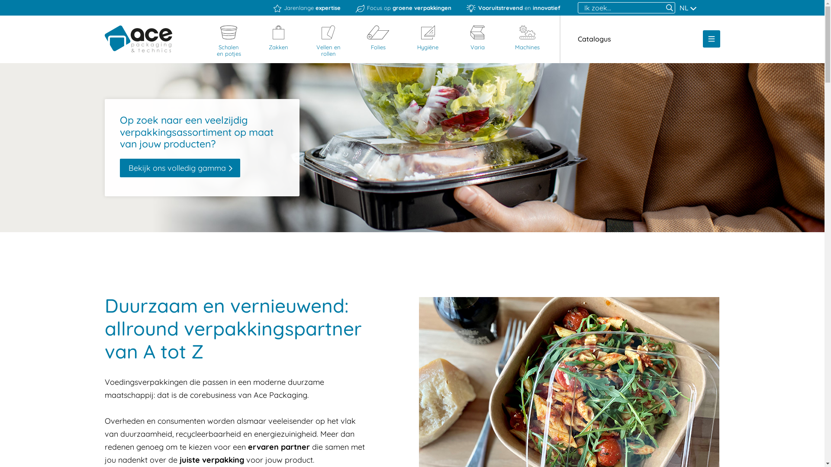  I want to click on 'Varia', so click(477, 38).